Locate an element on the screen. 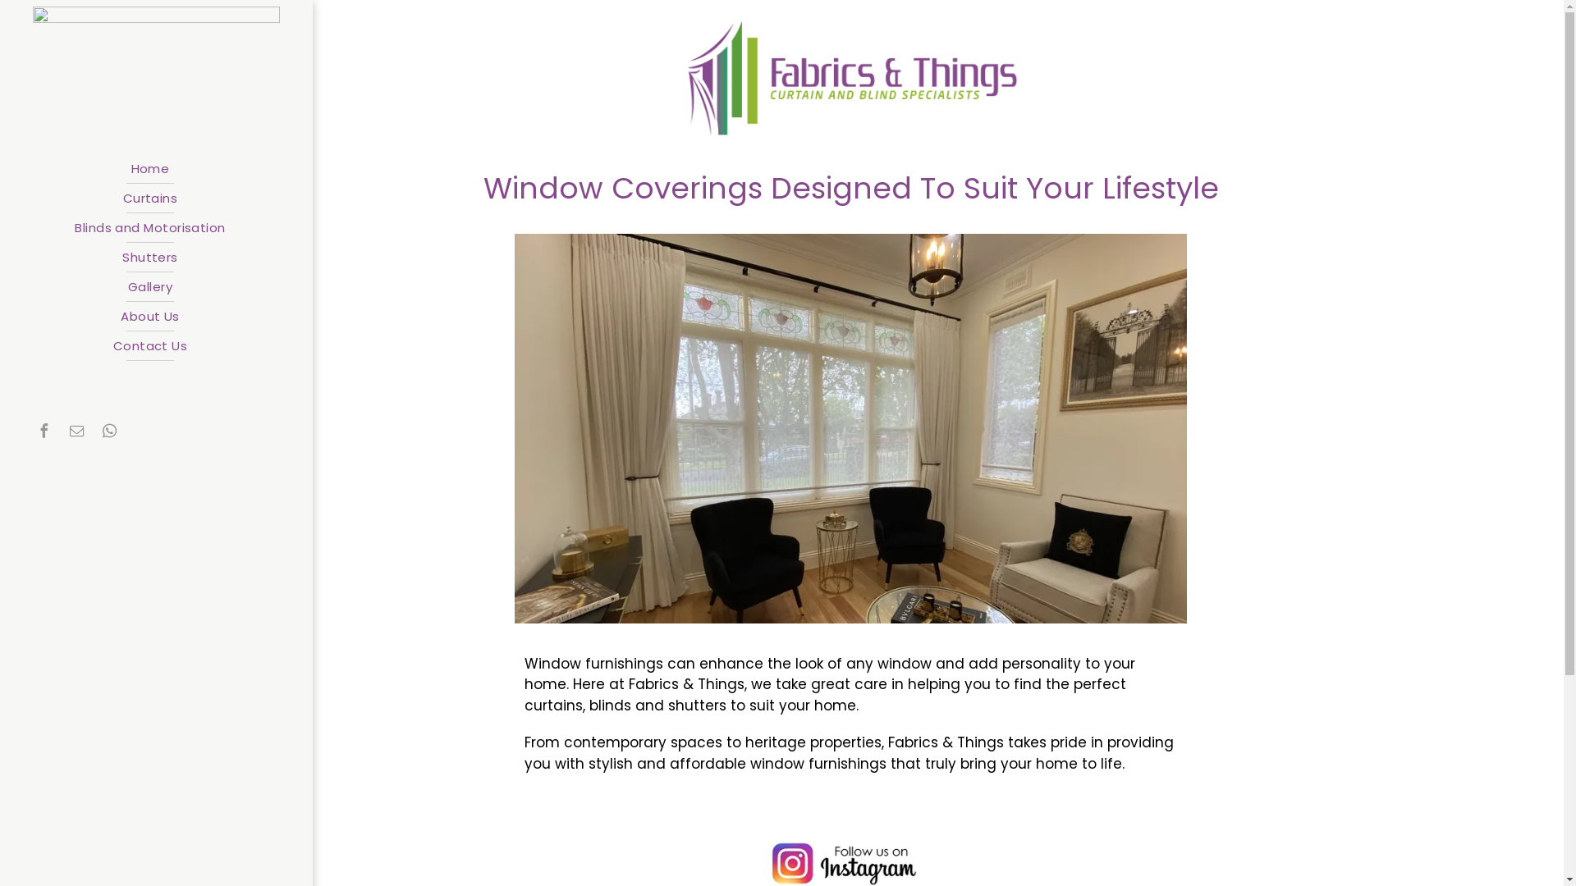  'Shutters' is located at coordinates (149, 257).